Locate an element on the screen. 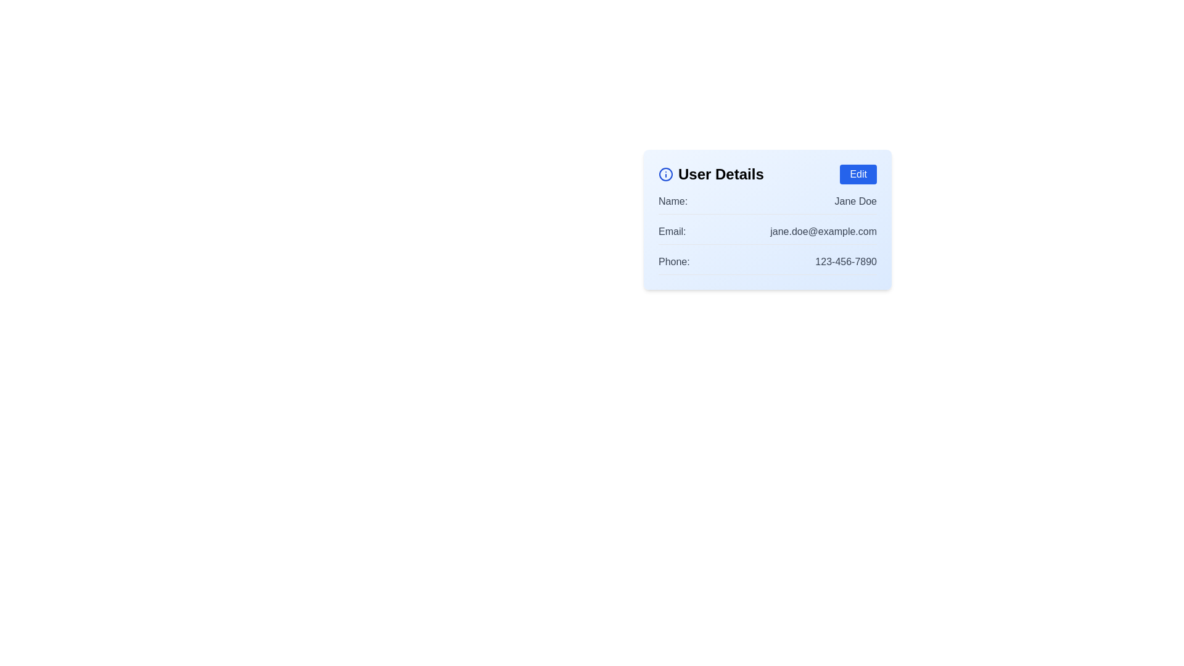  the SVG circle element that serves as a decorative part of the information icon, which is positioned to the left of the 'User Details' title in a user information card layout is located at coordinates (665, 174).